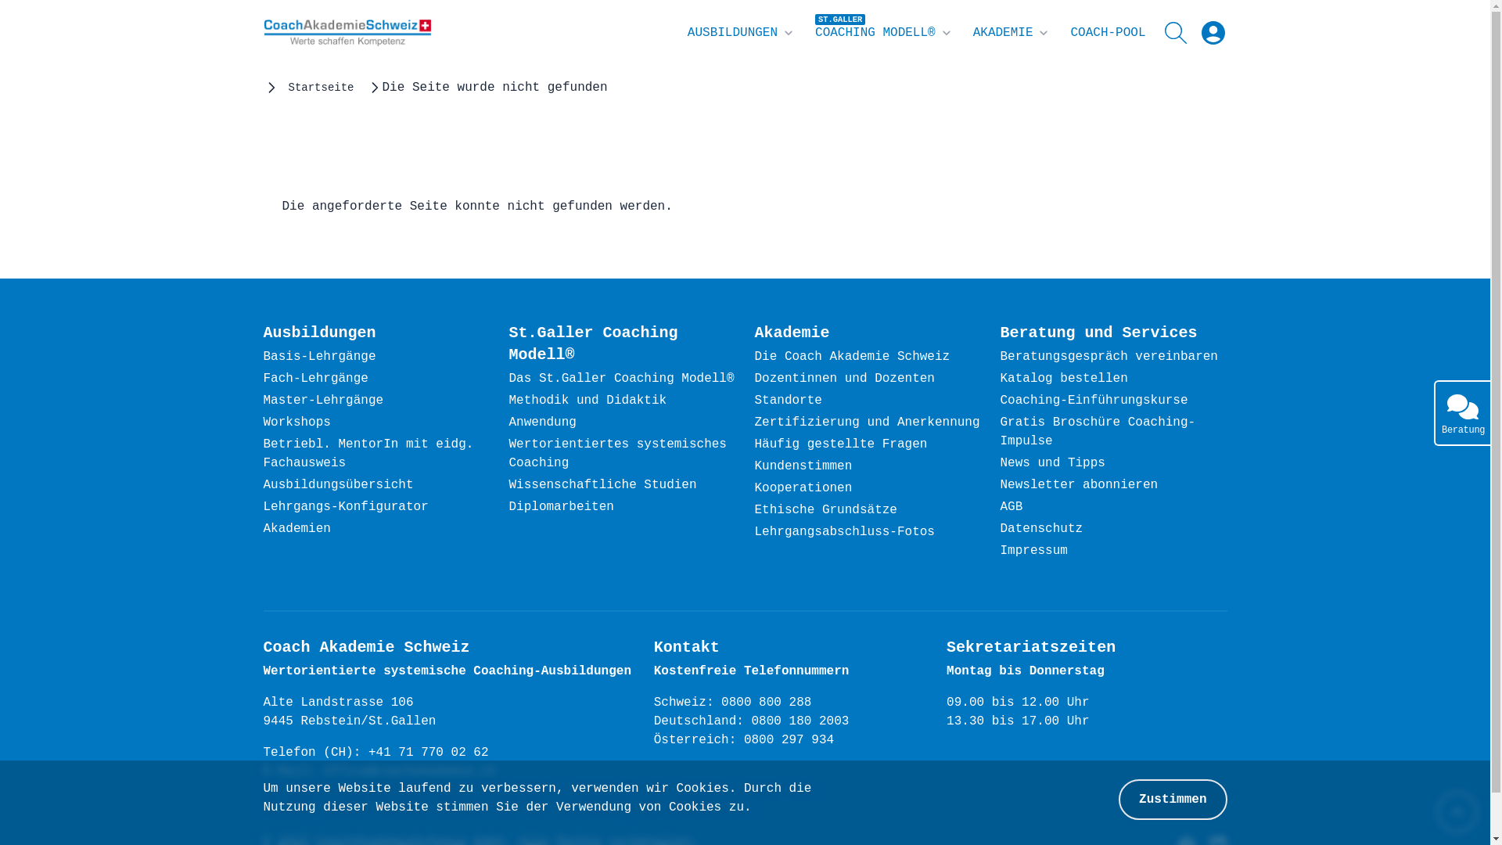  I want to click on '0800 800 288', so click(766, 702).